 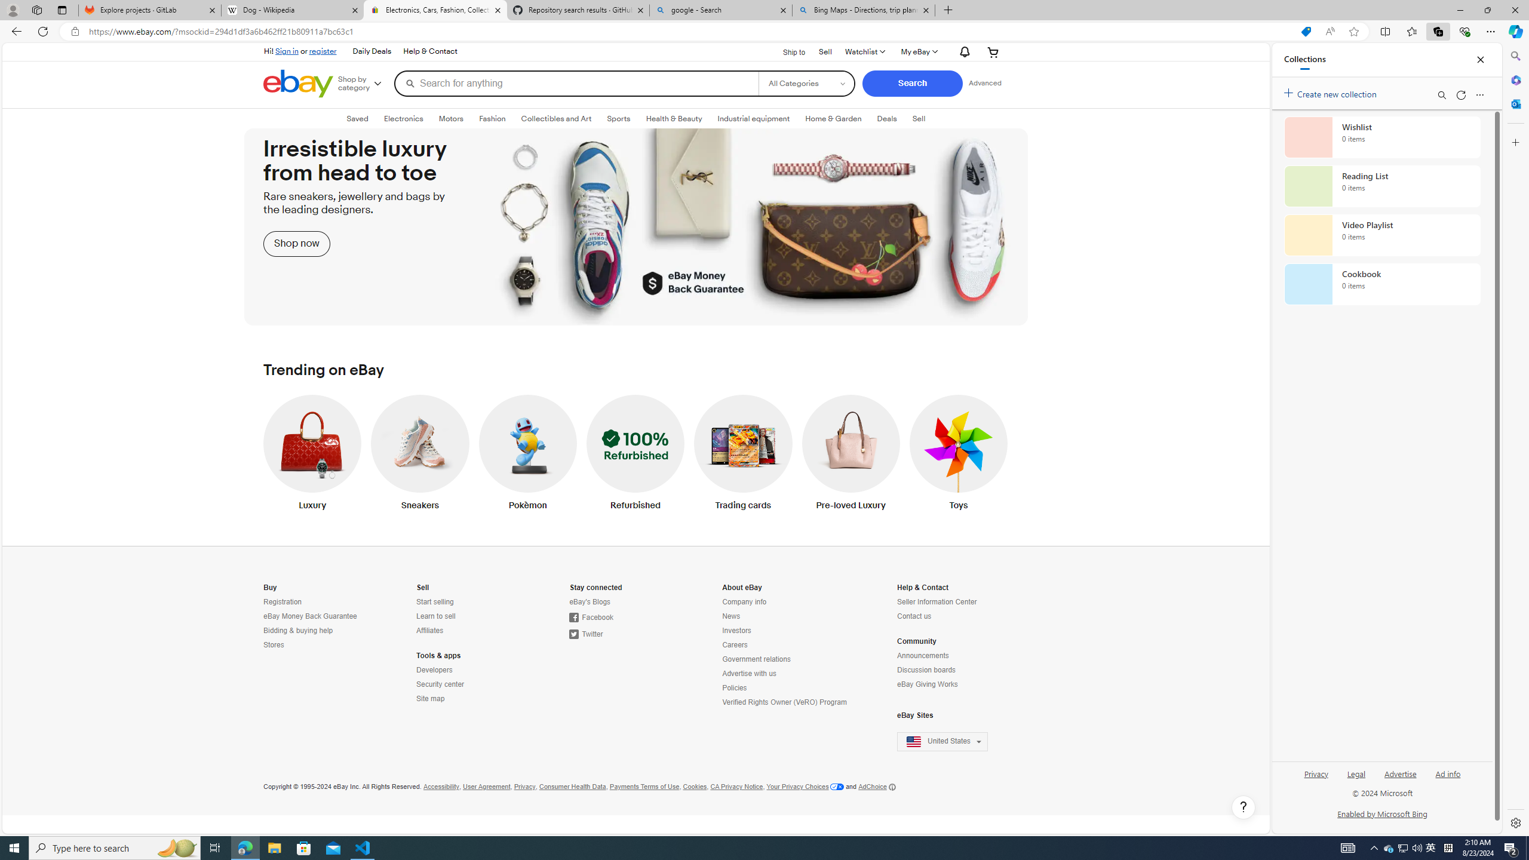 What do you see at coordinates (312, 455) in the screenshot?
I see `'Luxury'` at bounding box center [312, 455].